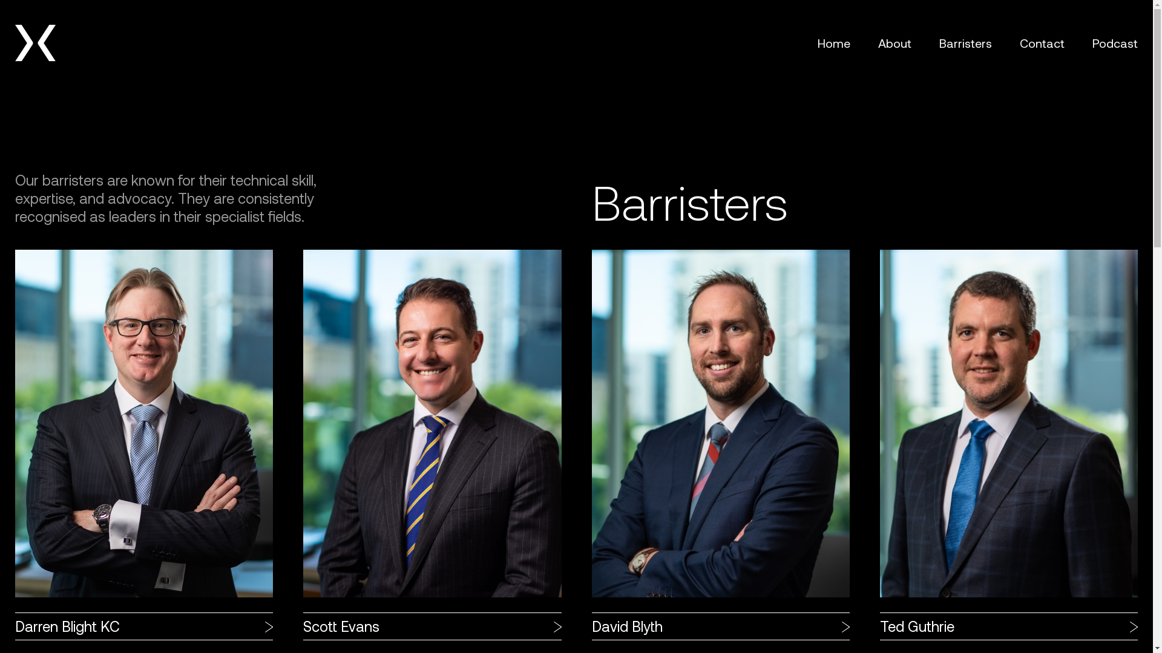 This screenshot has width=1162, height=653. What do you see at coordinates (1114, 42) in the screenshot?
I see `'Podcast'` at bounding box center [1114, 42].